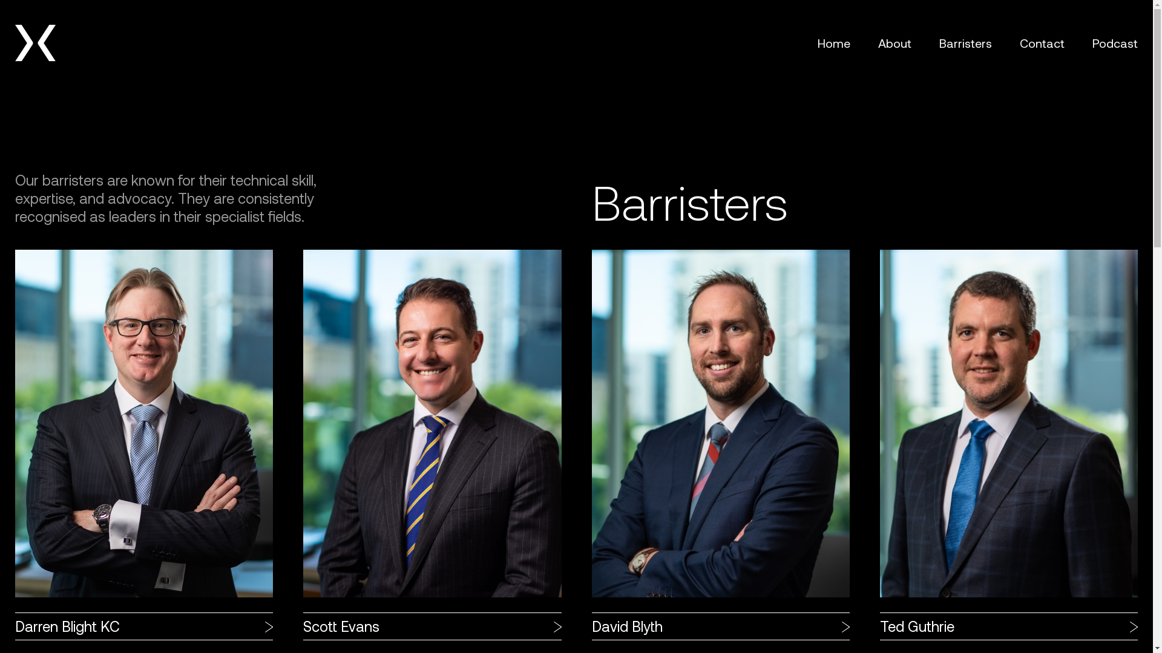 This screenshot has width=1162, height=653. What do you see at coordinates (1114, 42) in the screenshot?
I see `'Podcast'` at bounding box center [1114, 42].